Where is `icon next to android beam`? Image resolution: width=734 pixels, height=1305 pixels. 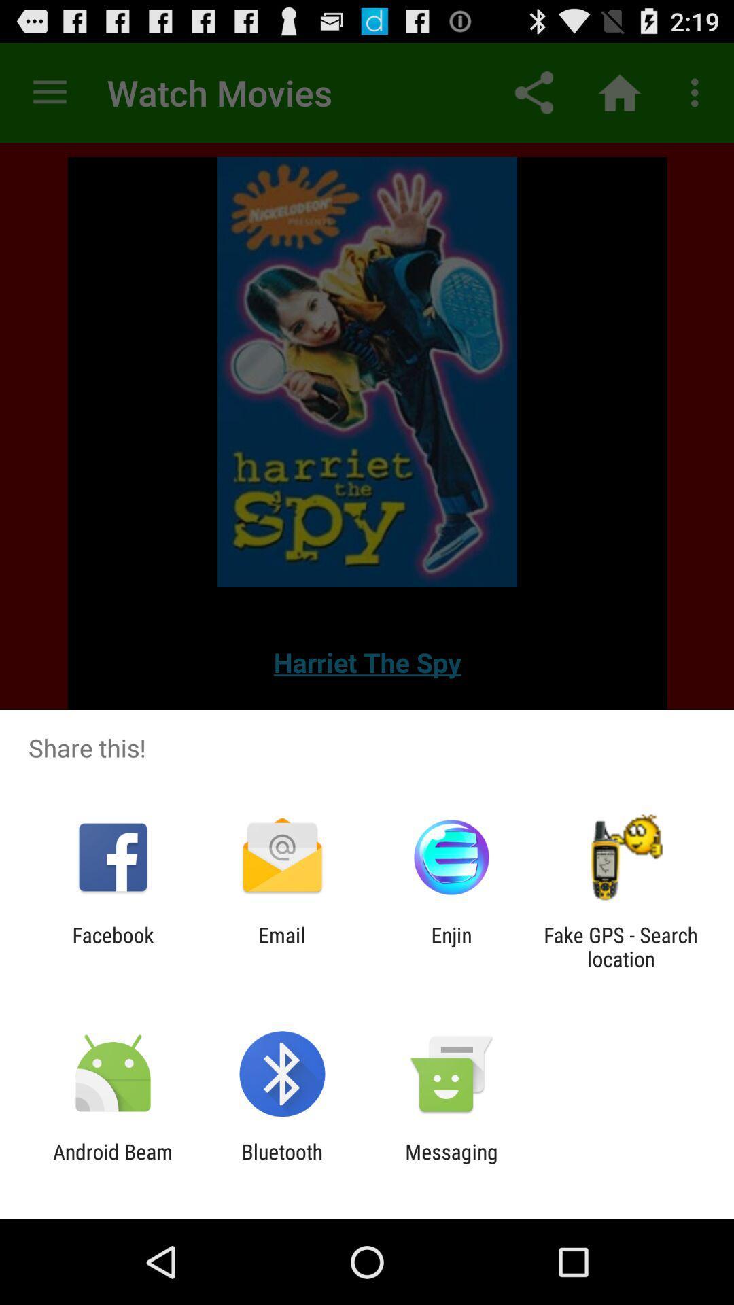
icon next to android beam is located at coordinates (281, 1163).